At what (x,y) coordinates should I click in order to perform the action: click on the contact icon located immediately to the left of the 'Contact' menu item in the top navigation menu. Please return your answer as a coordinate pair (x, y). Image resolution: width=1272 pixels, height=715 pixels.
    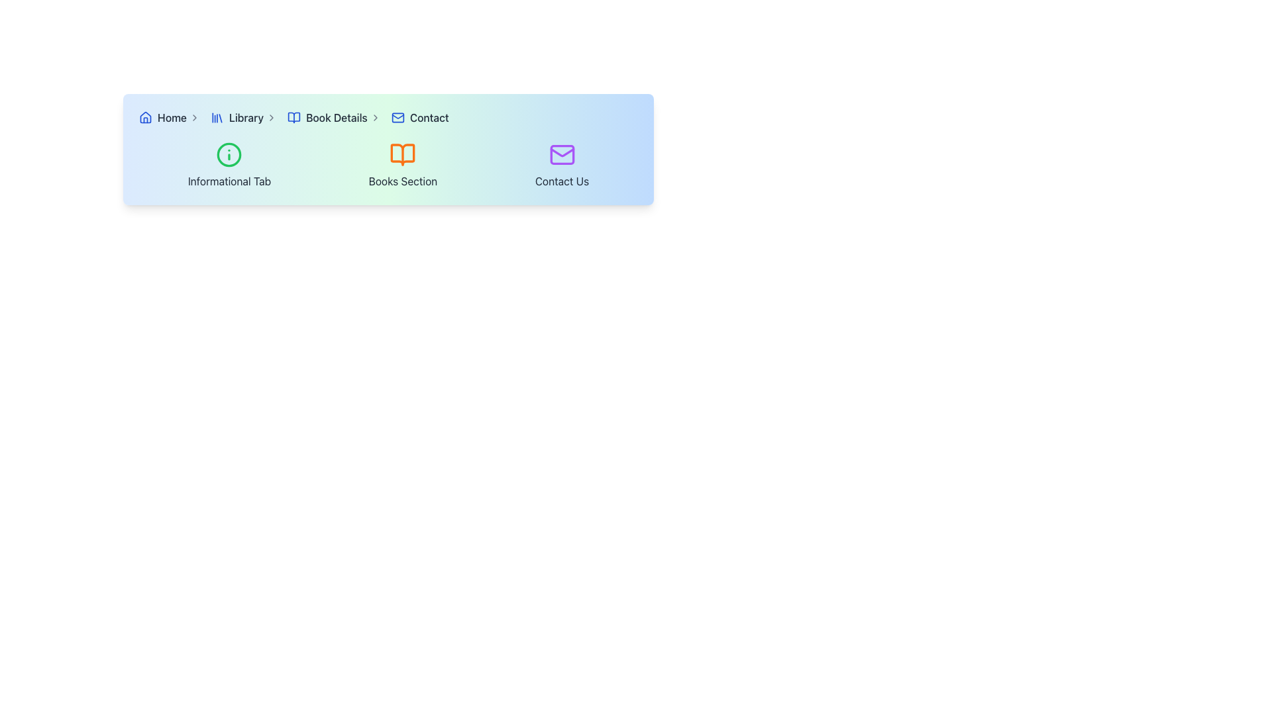
    Looking at the image, I should click on (397, 117).